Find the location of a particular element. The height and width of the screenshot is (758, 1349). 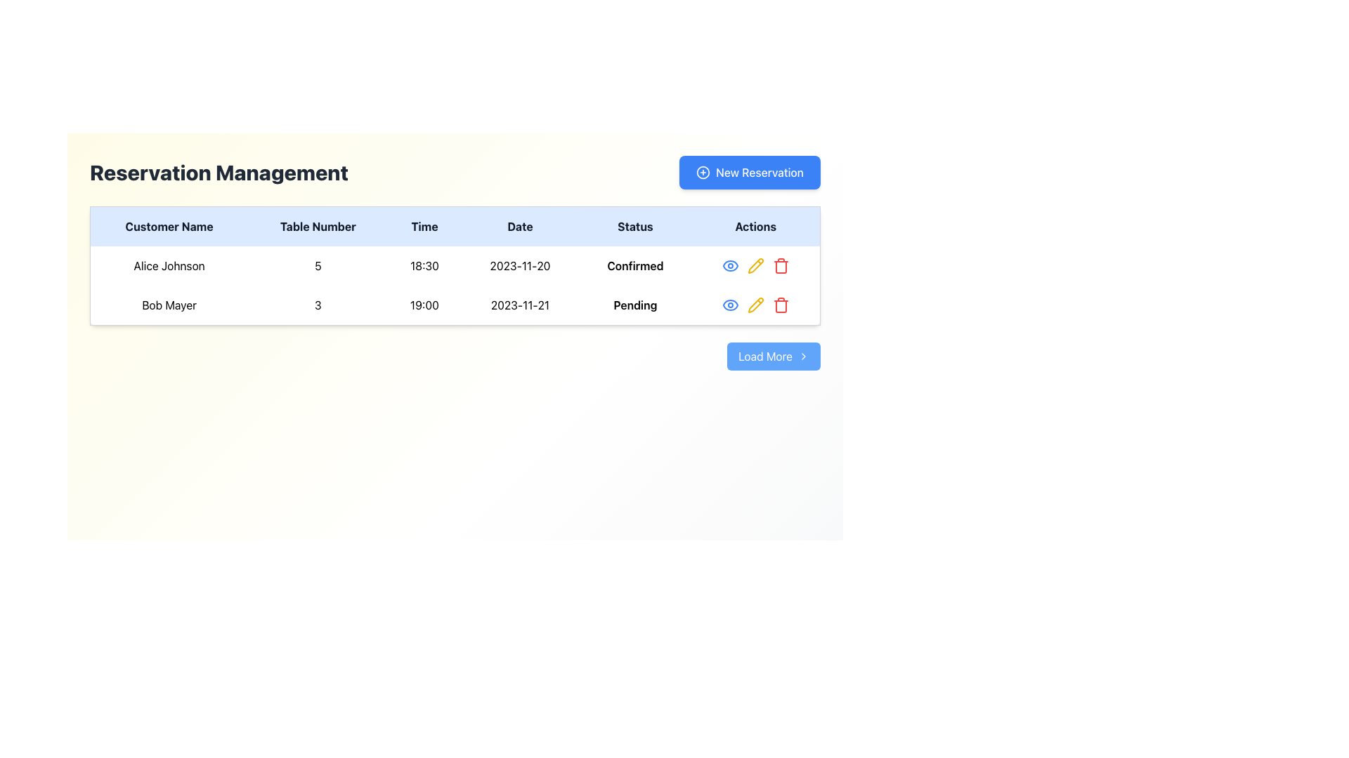

the yellow pencil icon in the 'Actions' column of the reservation table for Alice Johnson is located at coordinates (755, 265).